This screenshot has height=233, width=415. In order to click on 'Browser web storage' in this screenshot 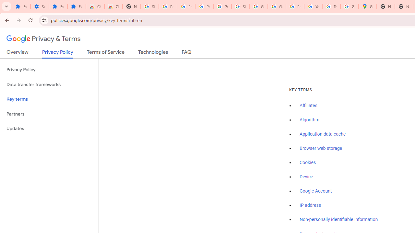, I will do `click(321, 148)`.